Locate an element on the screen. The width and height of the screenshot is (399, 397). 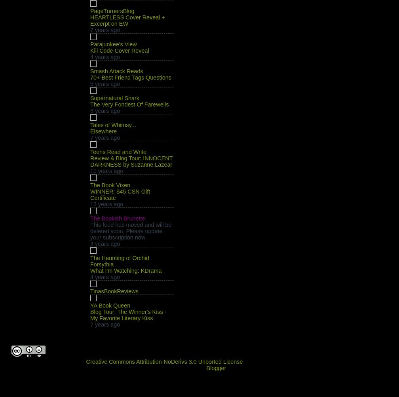
'Blogger' is located at coordinates (206, 367).